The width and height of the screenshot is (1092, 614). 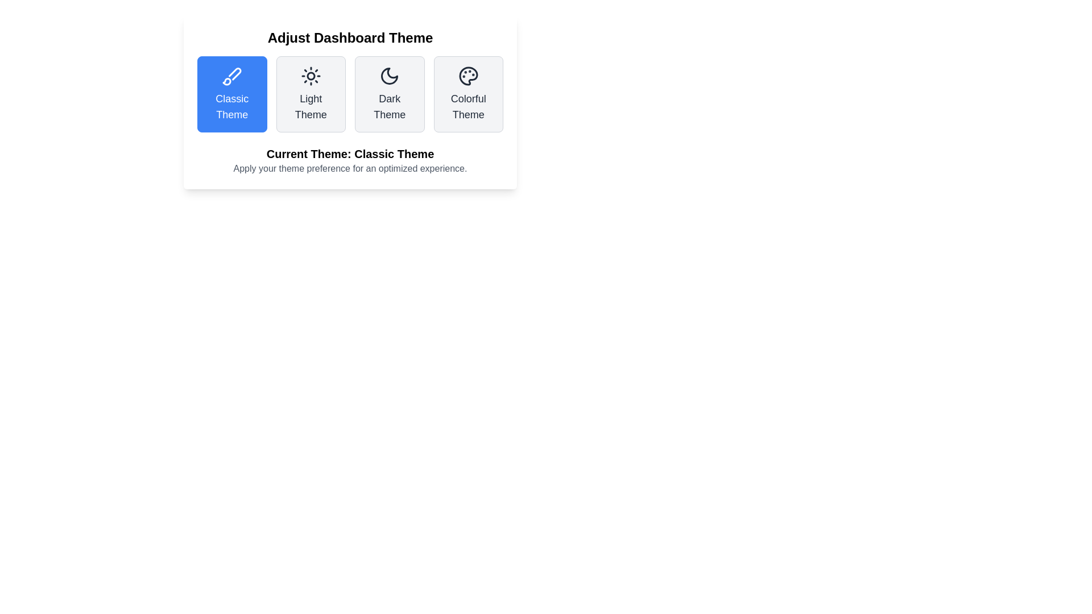 I want to click on the 'Classic Theme' icon, which is the first option in the row of theme choices under the 'Adjust Dashboard Theme' header, so click(x=231, y=76).